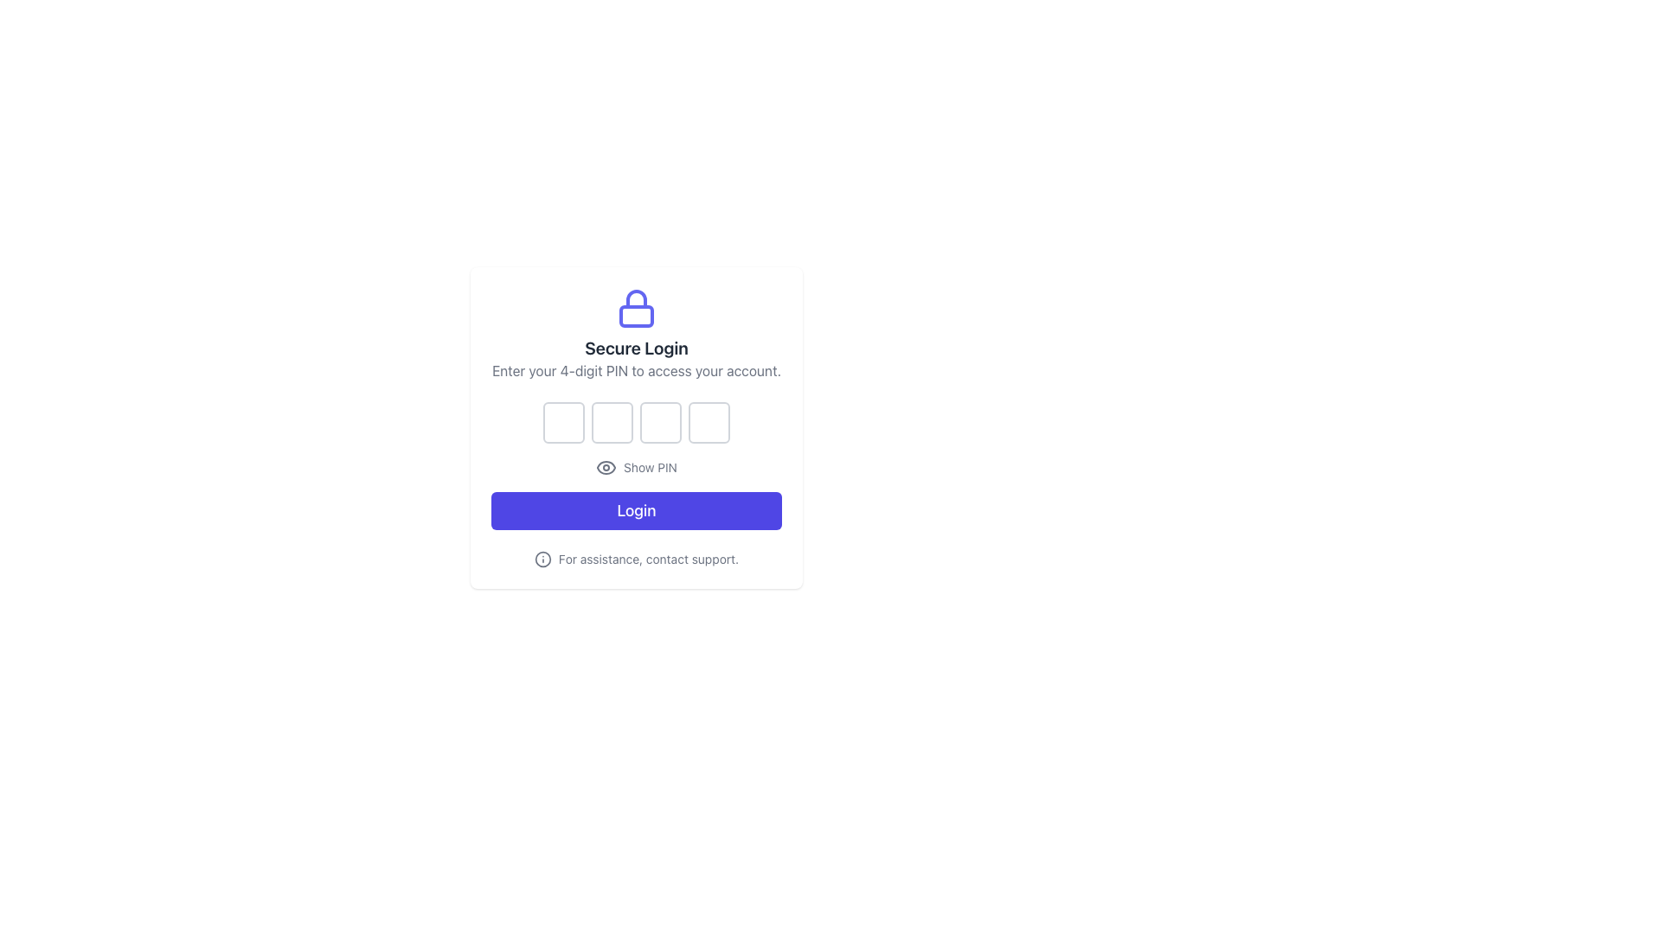 This screenshot has height=934, width=1661. I want to click on the circular information icon located to the left of the text 'For assistance, contact support', so click(542, 560).